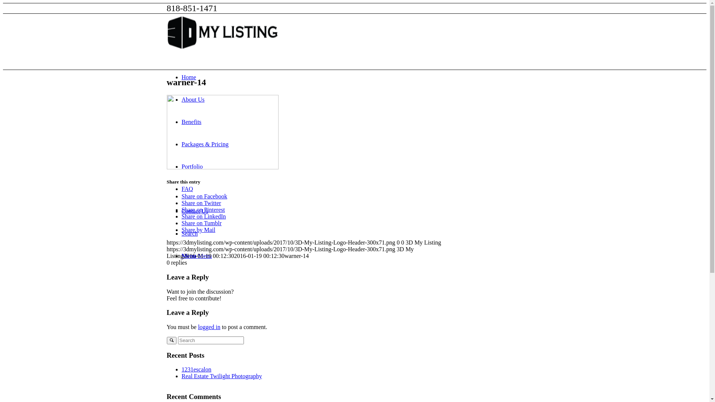 Image resolution: width=715 pixels, height=402 pixels. Describe the element at coordinates (191, 121) in the screenshot. I see `'Benefits'` at that location.